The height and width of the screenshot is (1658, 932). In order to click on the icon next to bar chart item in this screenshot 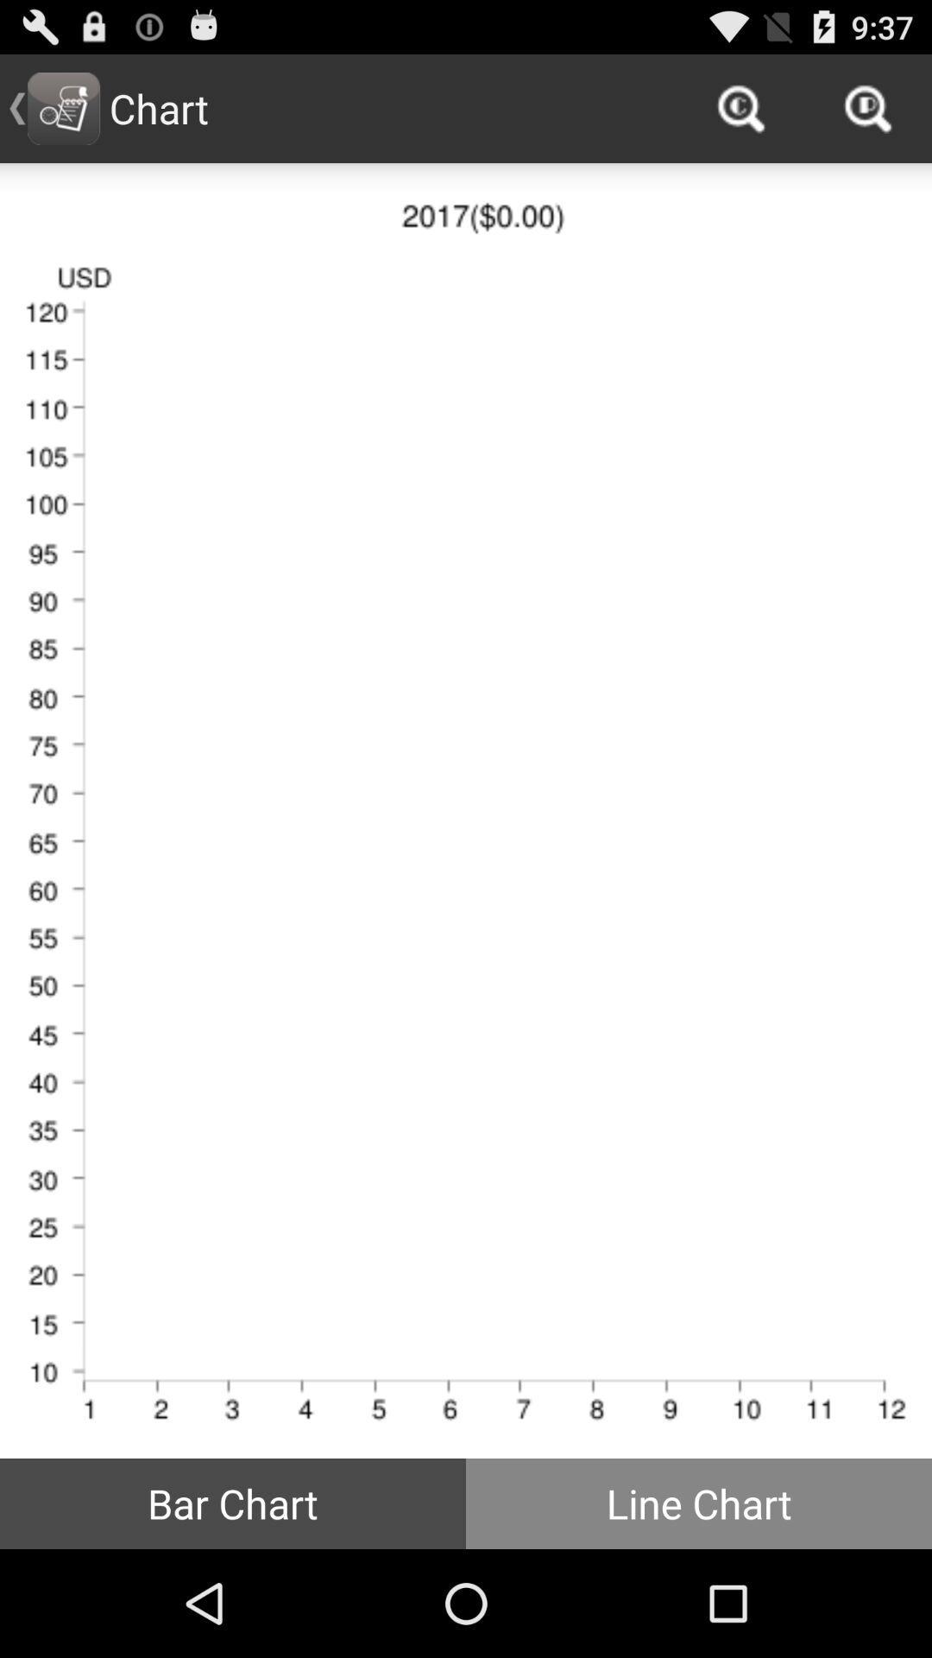, I will do `click(699, 1503)`.